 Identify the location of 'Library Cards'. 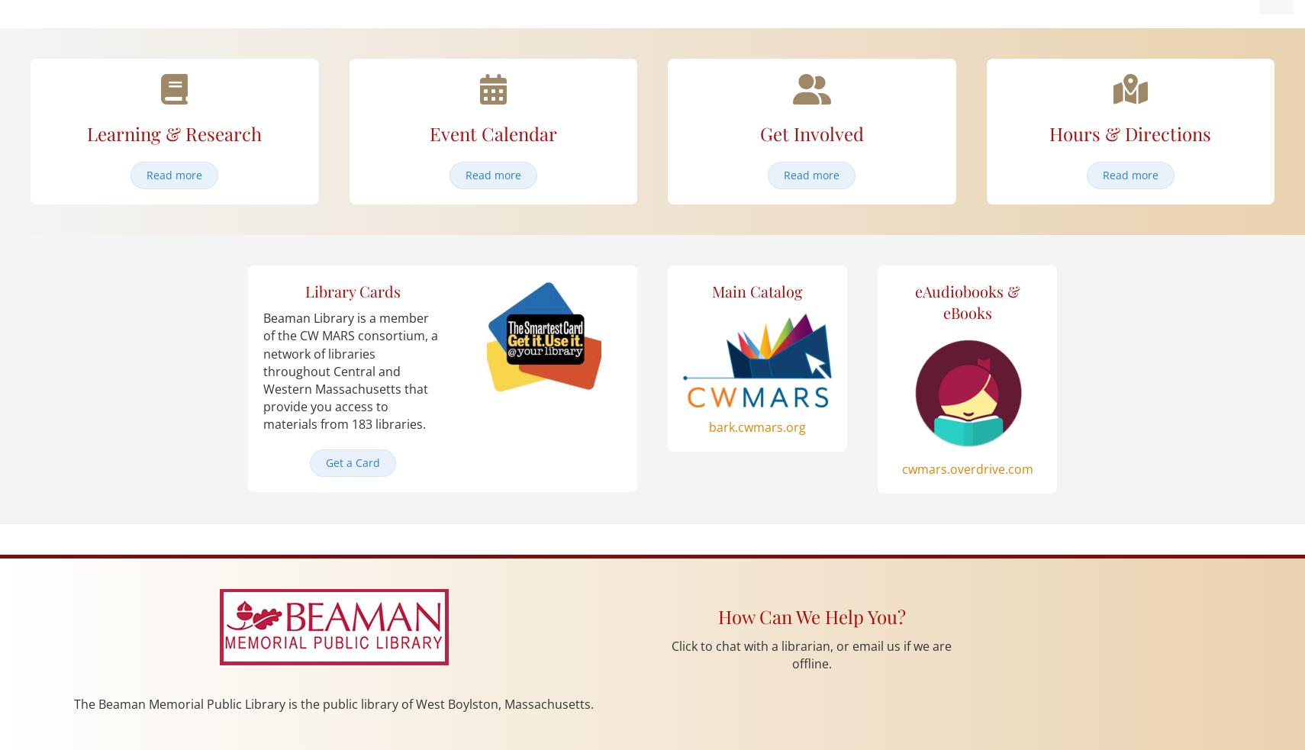
(353, 290).